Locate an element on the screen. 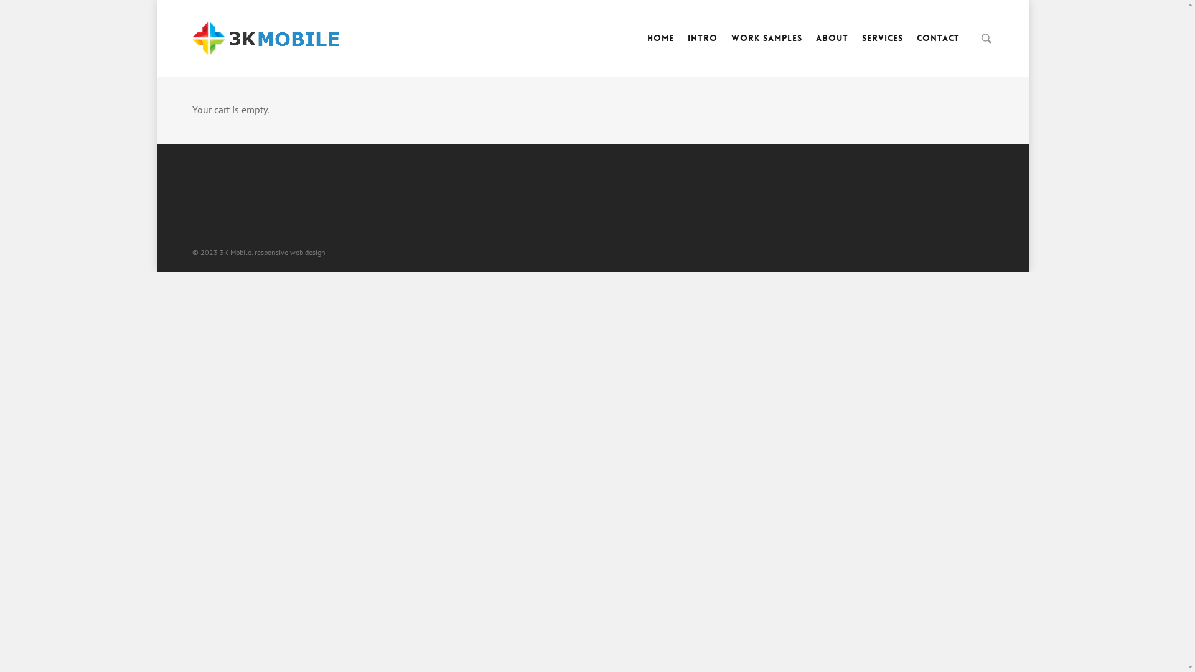 The width and height of the screenshot is (1195, 672). 'Intro' is located at coordinates (702, 47).